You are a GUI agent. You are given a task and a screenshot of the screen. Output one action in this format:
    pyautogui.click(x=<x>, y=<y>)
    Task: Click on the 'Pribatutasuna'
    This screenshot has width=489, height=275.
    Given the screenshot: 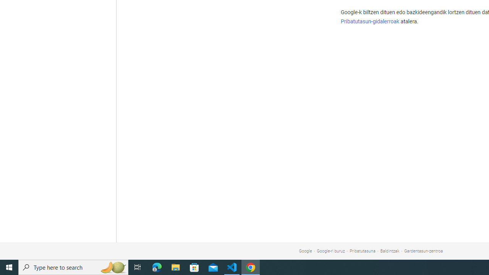 What is the action you would take?
    pyautogui.click(x=362, y=251)
    